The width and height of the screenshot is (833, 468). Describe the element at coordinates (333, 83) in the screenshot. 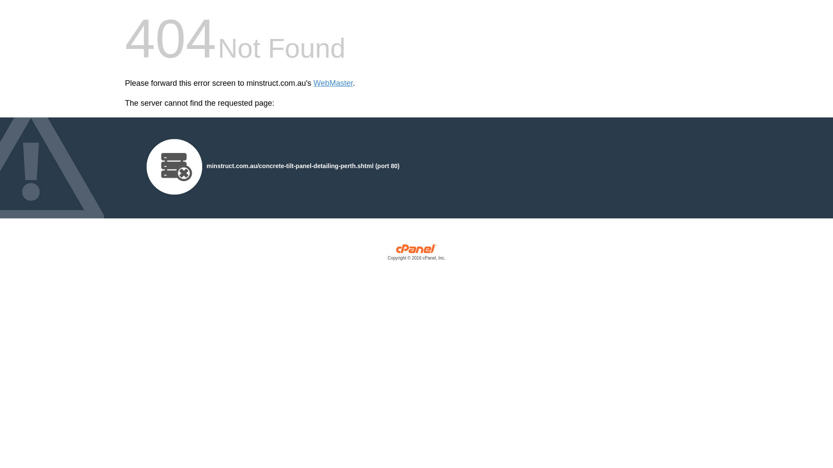

I see `'WebMaster'` at that location.